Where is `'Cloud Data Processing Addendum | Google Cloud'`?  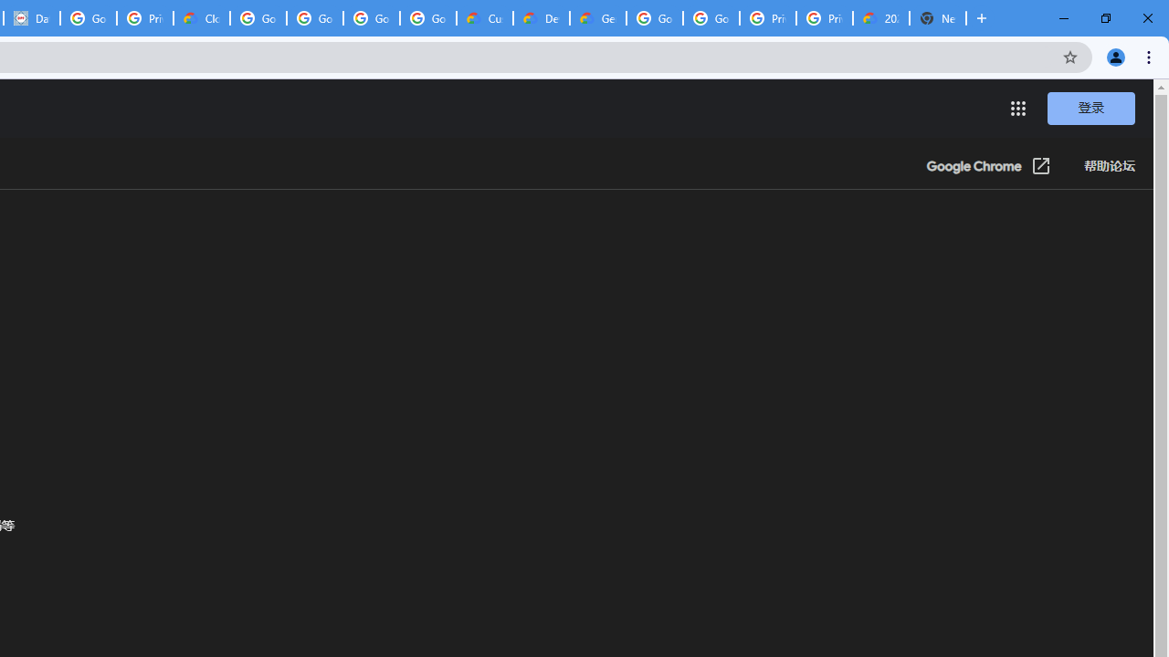 'Cloud Data Processing Addendum | Google Cloud' is located at coordinates (201, 18).